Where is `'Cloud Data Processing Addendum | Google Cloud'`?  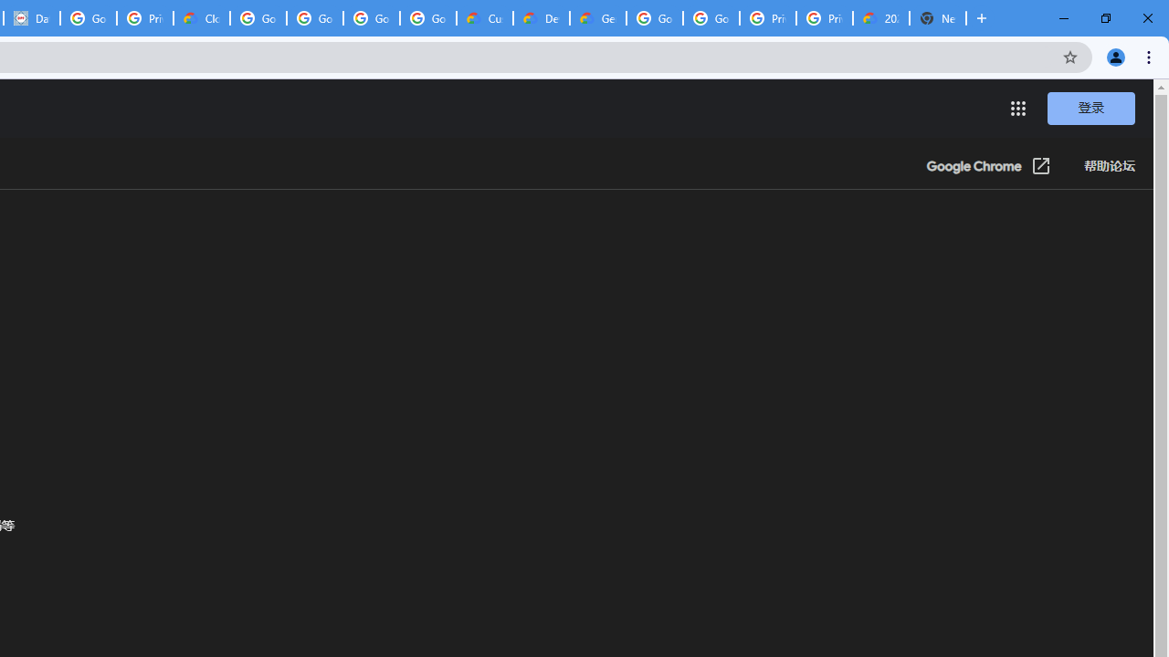 'Cloud Data Processing Addendum | Google Cloud' is located at coordinates (201, 18).